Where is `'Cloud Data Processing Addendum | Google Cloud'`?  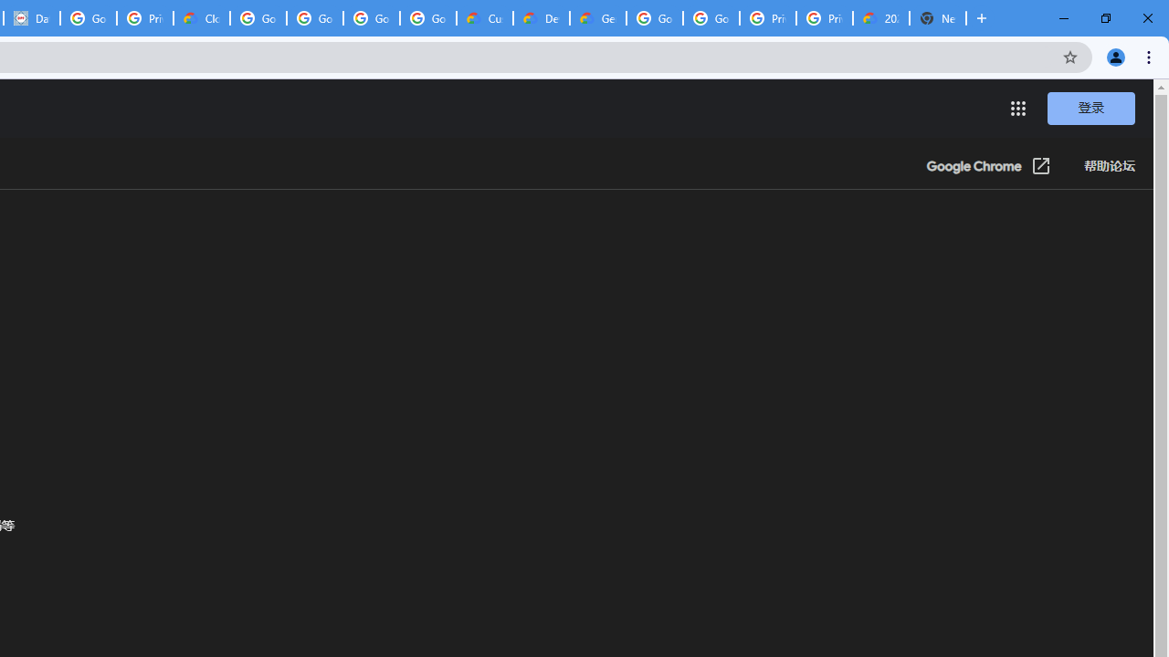 'Cloud Data Processing Addendum | Google Cloud' is located at coordinates (201, 18).